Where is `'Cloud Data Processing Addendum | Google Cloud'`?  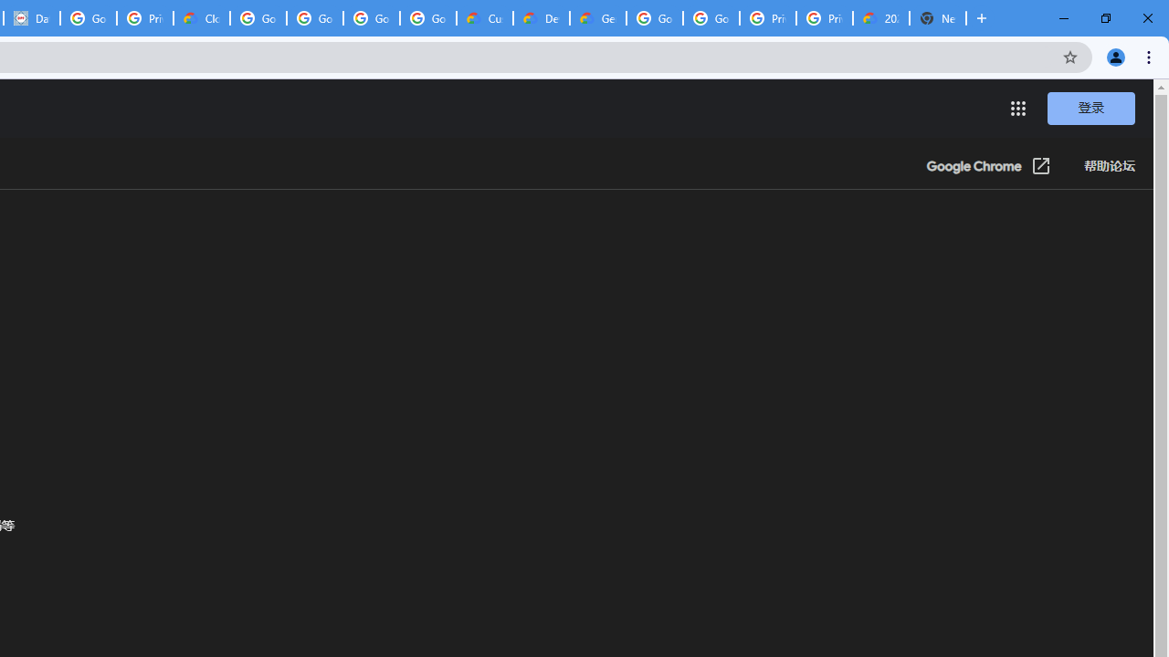 'Cloud Data Processing Addendum | Google Cloud' is located at coordinates (201, 18).